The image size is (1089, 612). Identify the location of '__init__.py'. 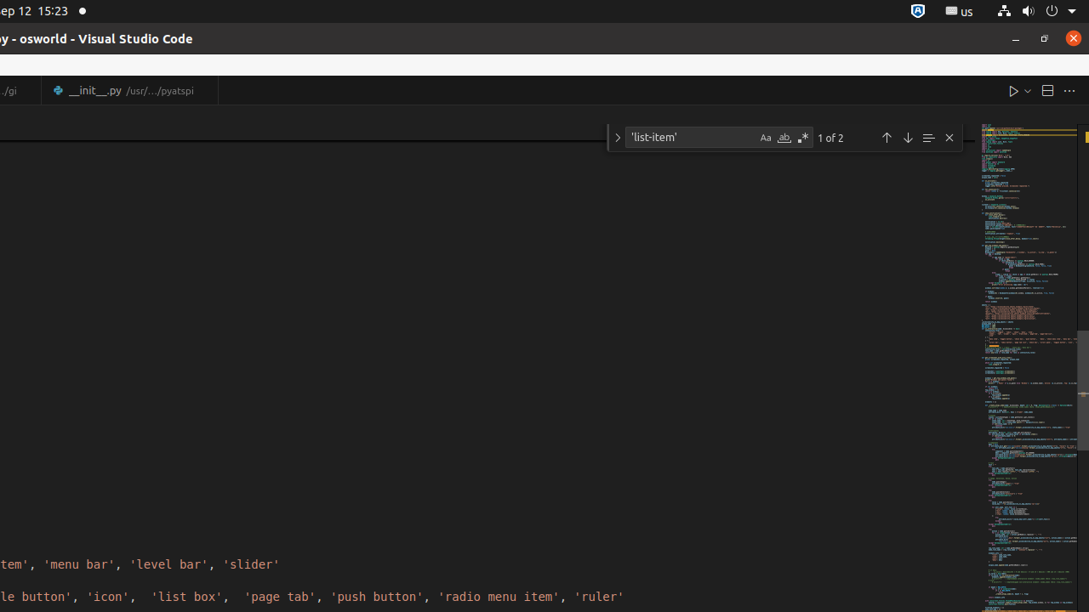
(128, 90).